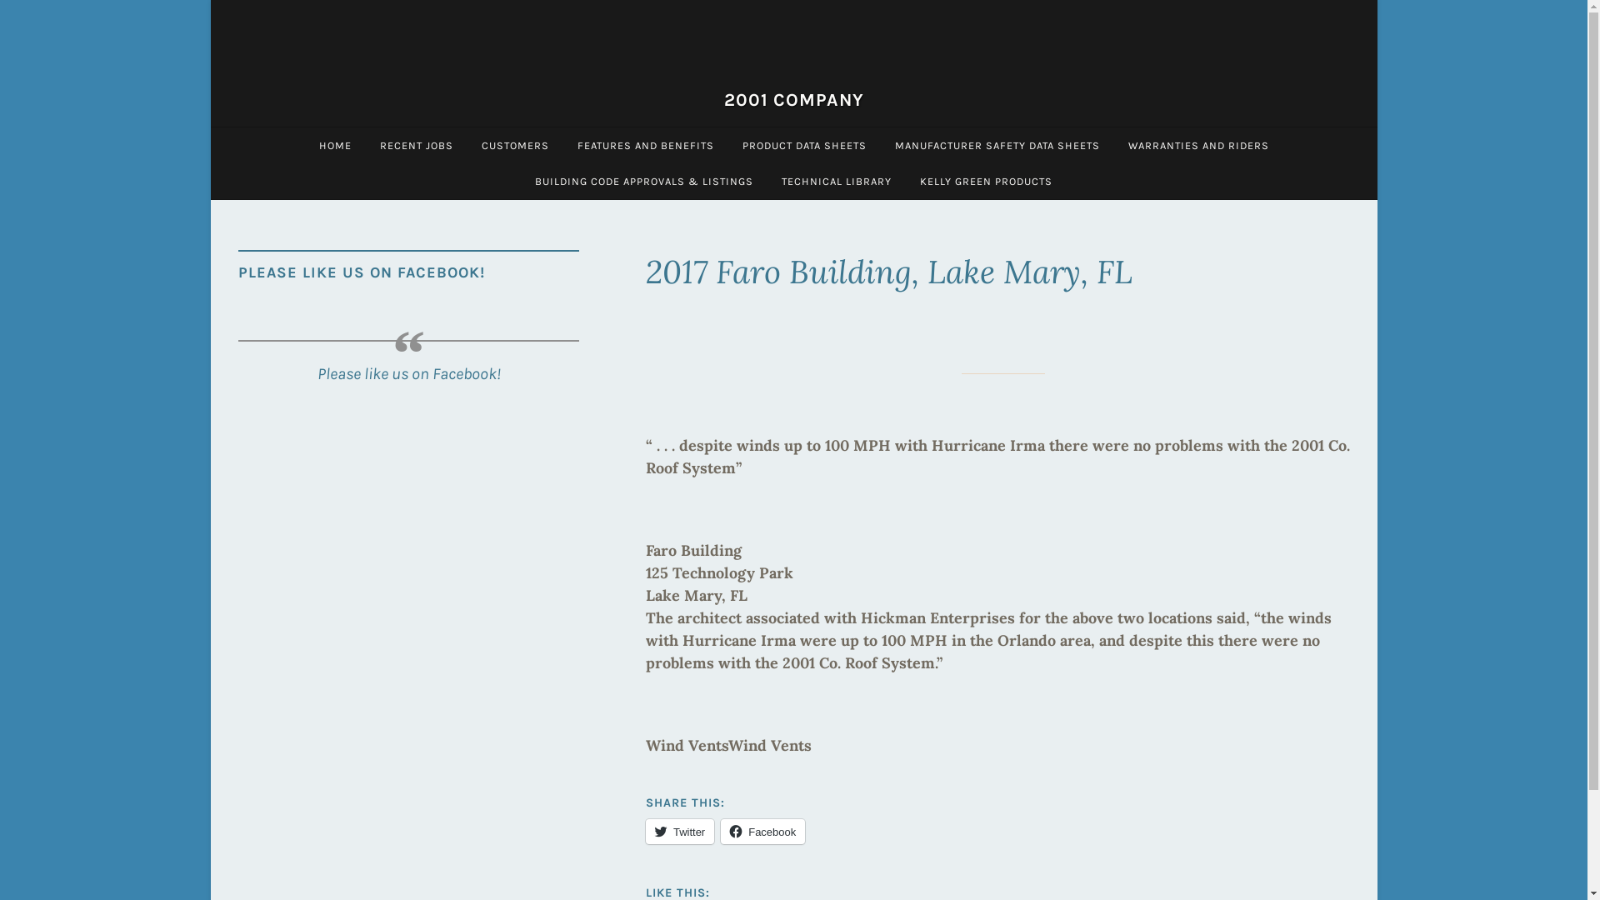 The height and width of the screenshot is (900, 1600). Describe the element at coordinates (762, 832) in the screenshot. I see `'Facebook'` at that location.